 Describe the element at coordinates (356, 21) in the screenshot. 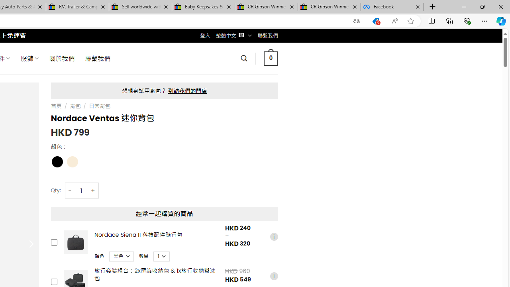

I see `'Show translate options'` at that location.